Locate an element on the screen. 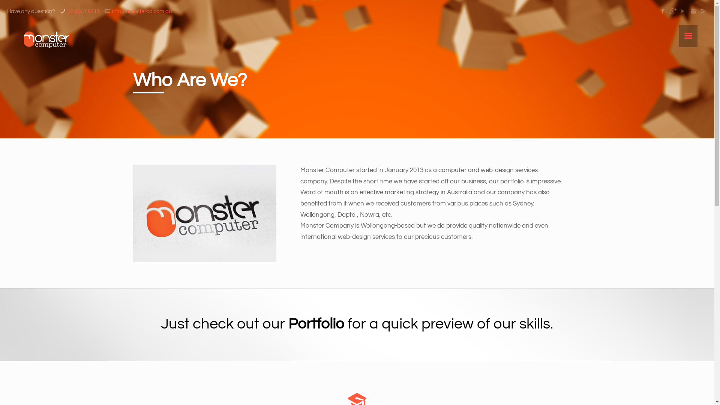 The width and height of the screenshot is (720, 405). 'info@monsterco.com.au' is located at coordinates (142, 11).